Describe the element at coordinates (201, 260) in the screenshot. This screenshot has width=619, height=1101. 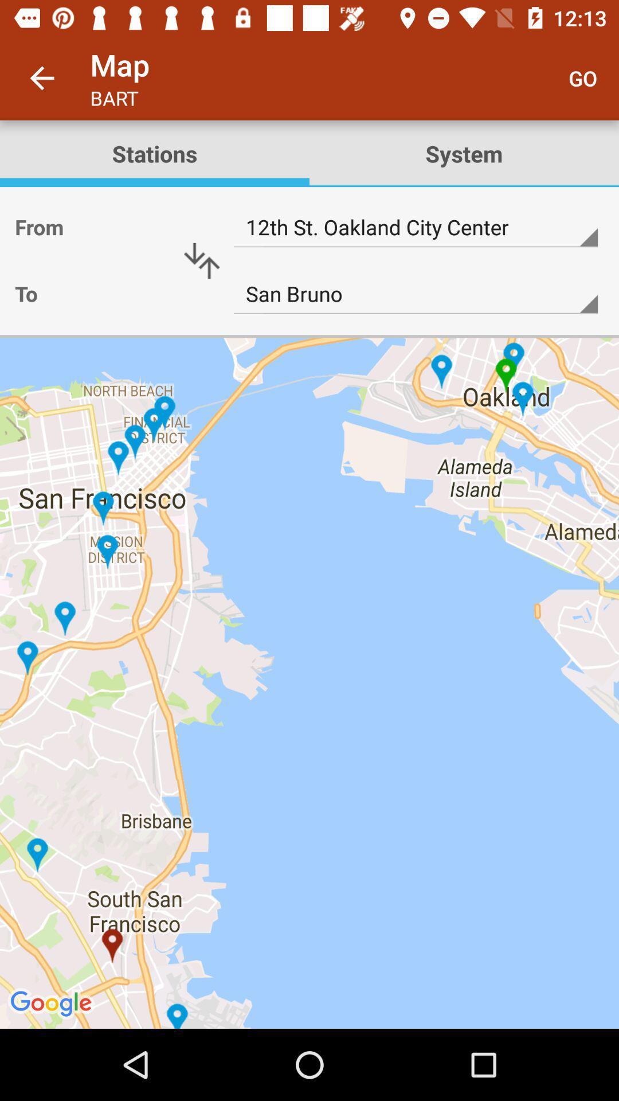
I see `up or down arrow` at that location.